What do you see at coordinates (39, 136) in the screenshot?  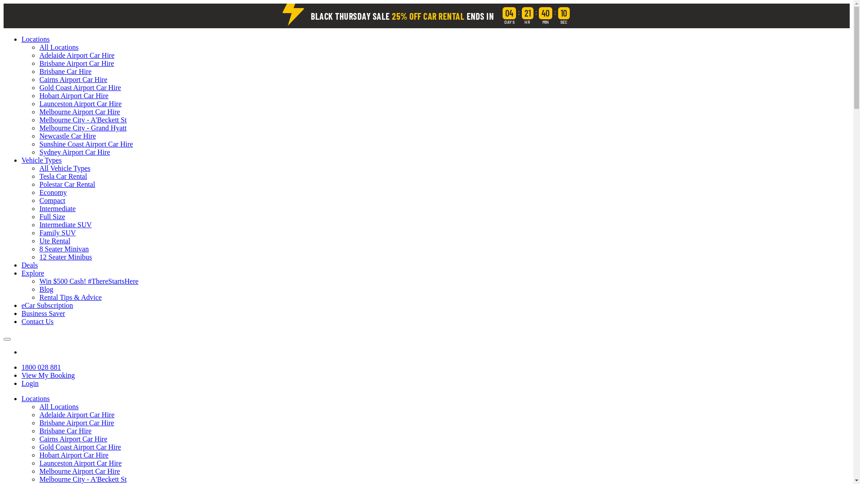 I see `'Newcastle Car Hire'` at bounding box center [39, 136].